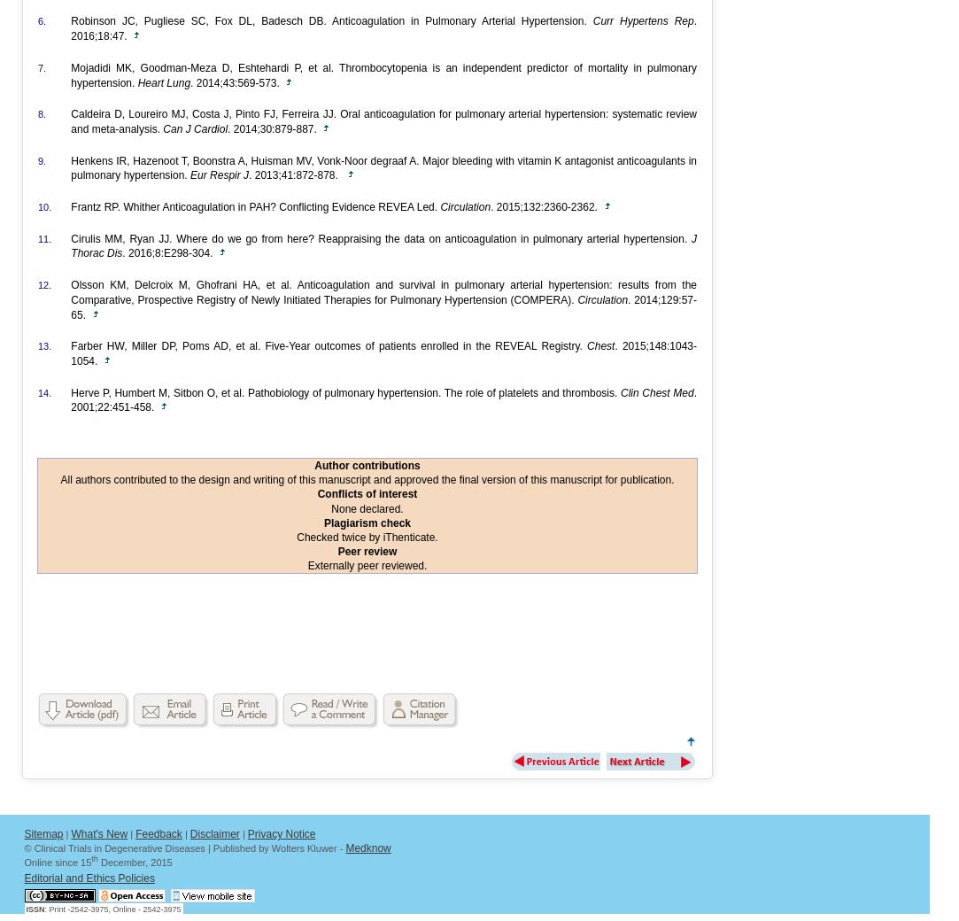 The image size is (959, 921). I want to click on 'Caldeira D, Loureiro MJ, Costa J, Pinto FJ, Ferreira JJ. Oral anticoagulation for pulmonary arterial hypertension: systematic review and meta-analysis.', so click(383, 121).